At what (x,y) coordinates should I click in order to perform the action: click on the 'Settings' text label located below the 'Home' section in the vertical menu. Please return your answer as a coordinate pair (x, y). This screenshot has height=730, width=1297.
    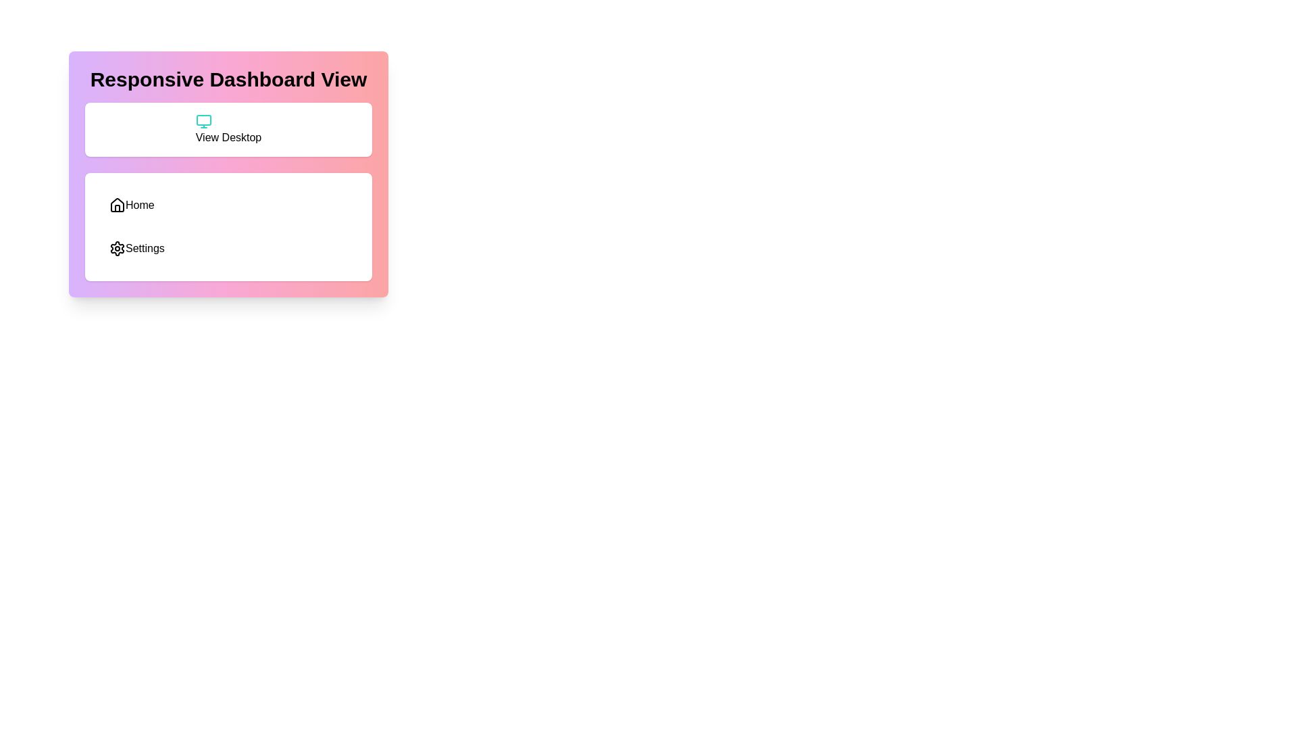
    Looking at the image, I should click on (145, 248).